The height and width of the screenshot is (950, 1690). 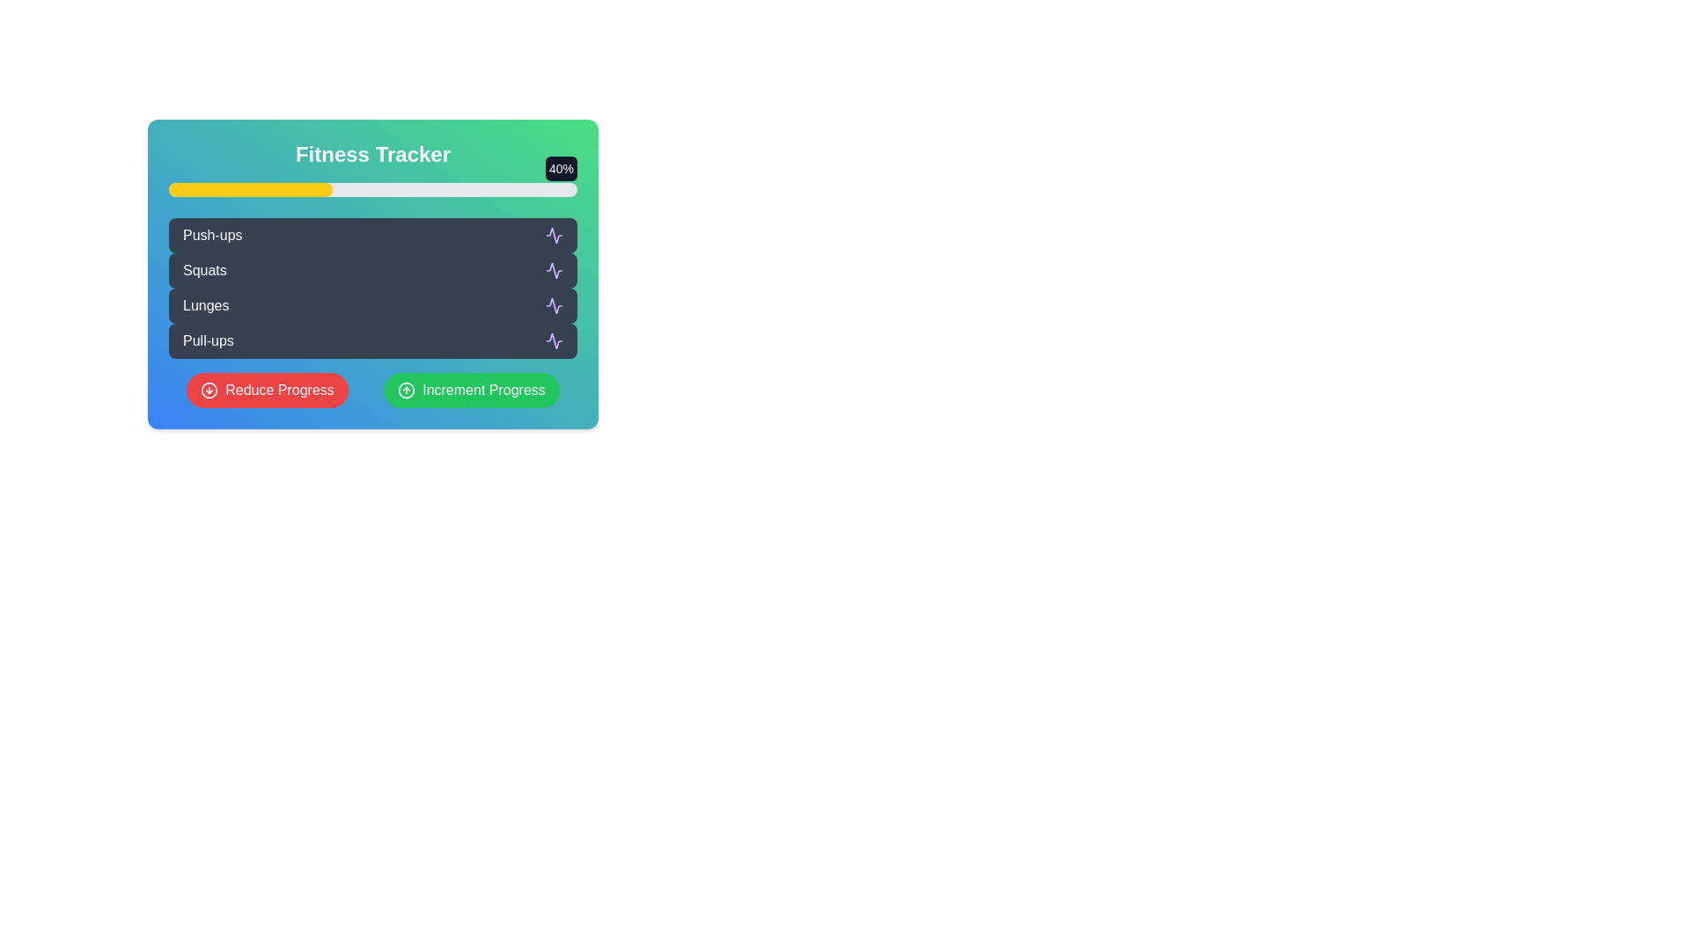 I want to click on the waveform icon with purple lines, which is the third icon in a vertical list aligned with the entry labeled 'Lunges', so click(x=553, y=304).